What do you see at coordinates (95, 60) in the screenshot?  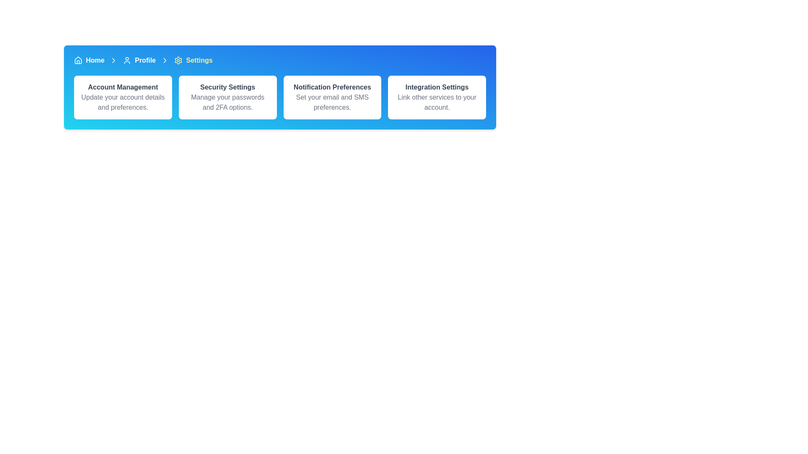 I see `the 'Home' hyperlink in the navigation bar` at bounding box center [95, 60].